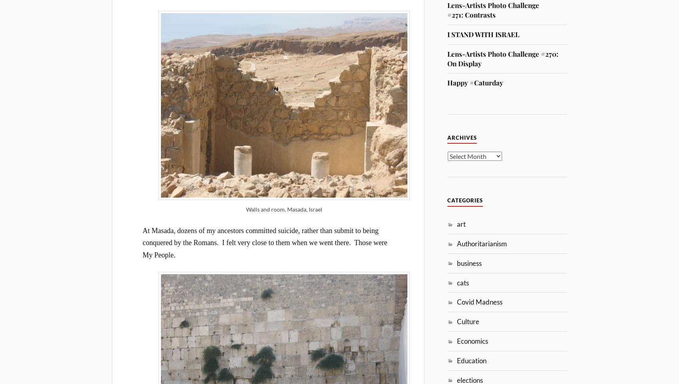  Describe the element at coordinates (493, 10) in the screenshot. I see `'Lens-Artists Photo Challenge #271: Contrasts'` at that location.